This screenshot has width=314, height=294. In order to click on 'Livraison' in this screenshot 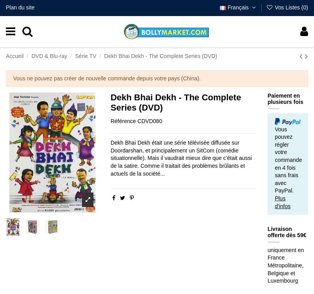, I will do `click(178, 275)`.